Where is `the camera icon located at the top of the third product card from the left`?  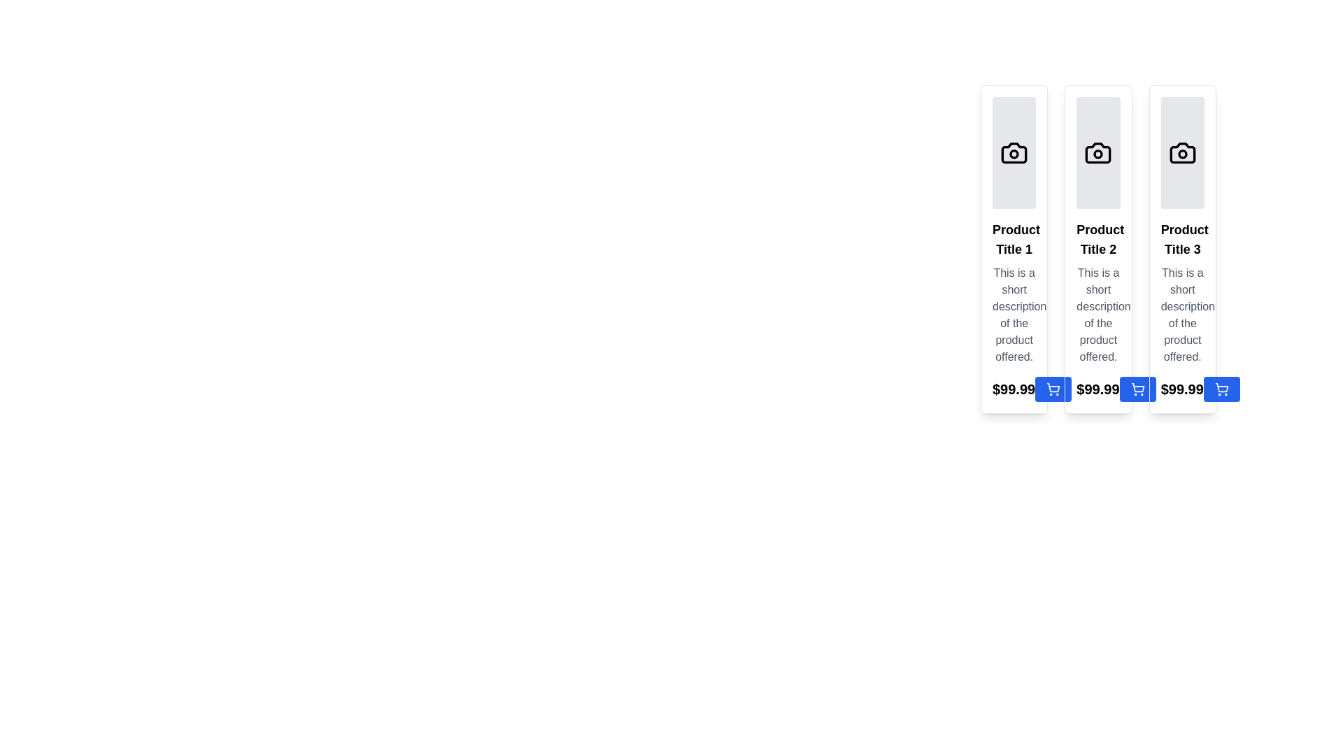 the camera icon located at the top of the third product card from the left is located at coordinates (1181, 153).